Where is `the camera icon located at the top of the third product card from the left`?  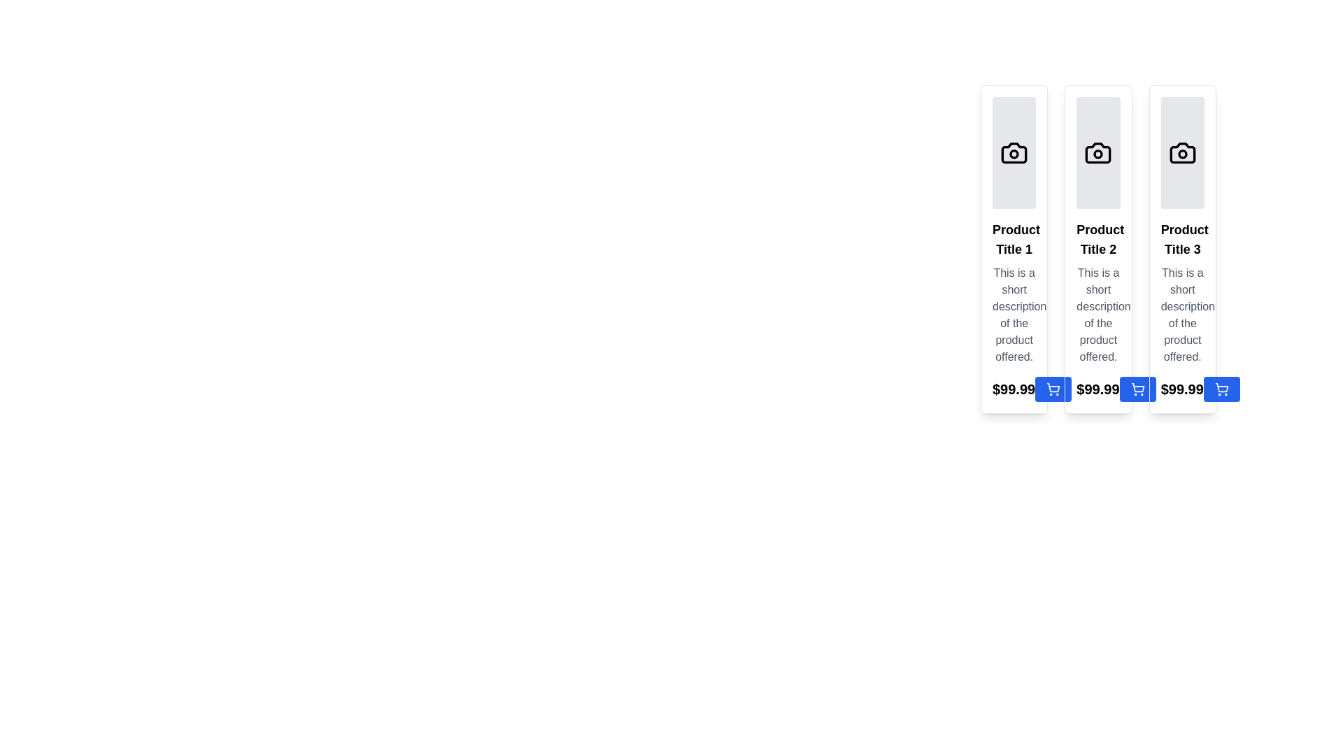 the camera icon located at the top of the third product card from the left is located at coordinates (1181, 153).